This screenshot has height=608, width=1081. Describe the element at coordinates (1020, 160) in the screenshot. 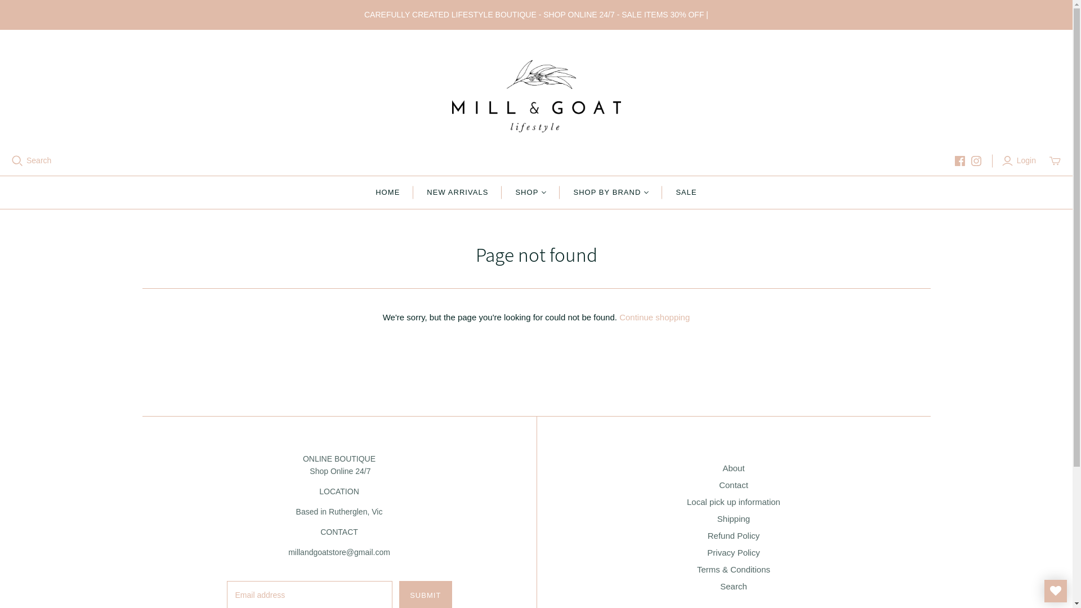

I see `'Login'` at that location.